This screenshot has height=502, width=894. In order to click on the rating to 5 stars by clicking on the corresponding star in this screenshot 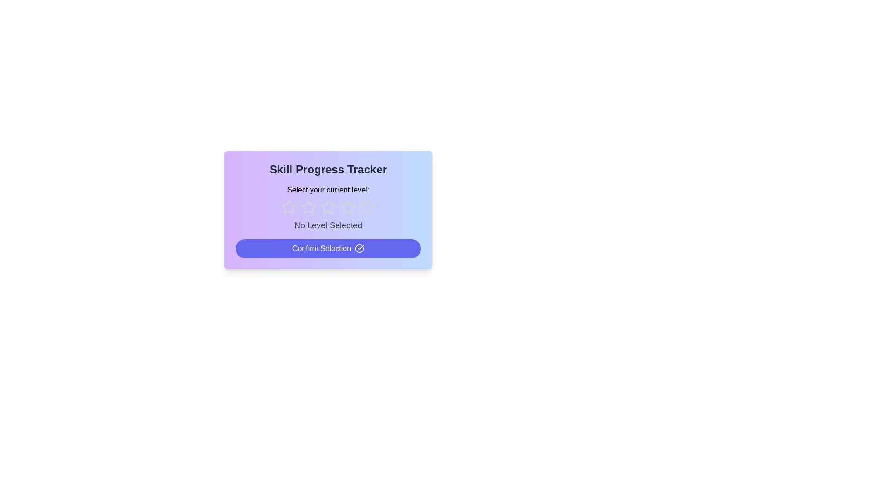, I will do `click(366, 207)`.